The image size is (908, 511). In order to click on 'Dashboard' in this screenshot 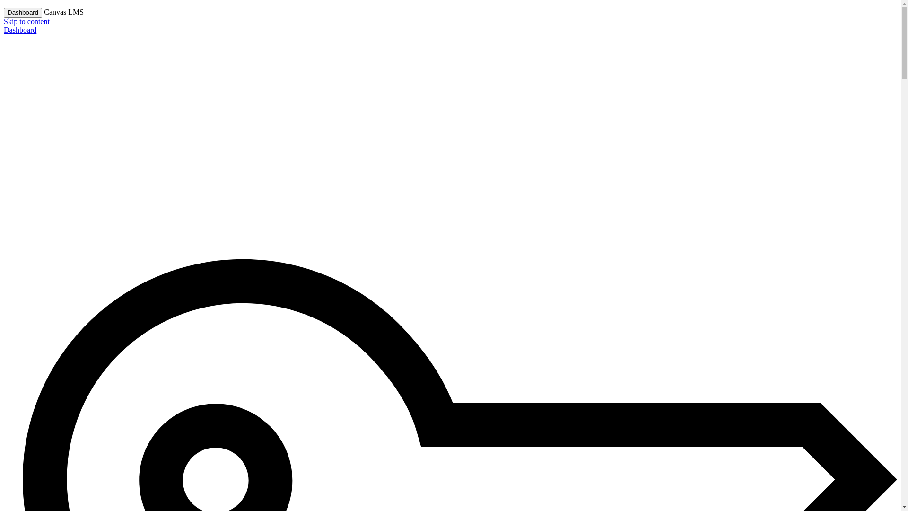, I will do `click(20, 29)`.